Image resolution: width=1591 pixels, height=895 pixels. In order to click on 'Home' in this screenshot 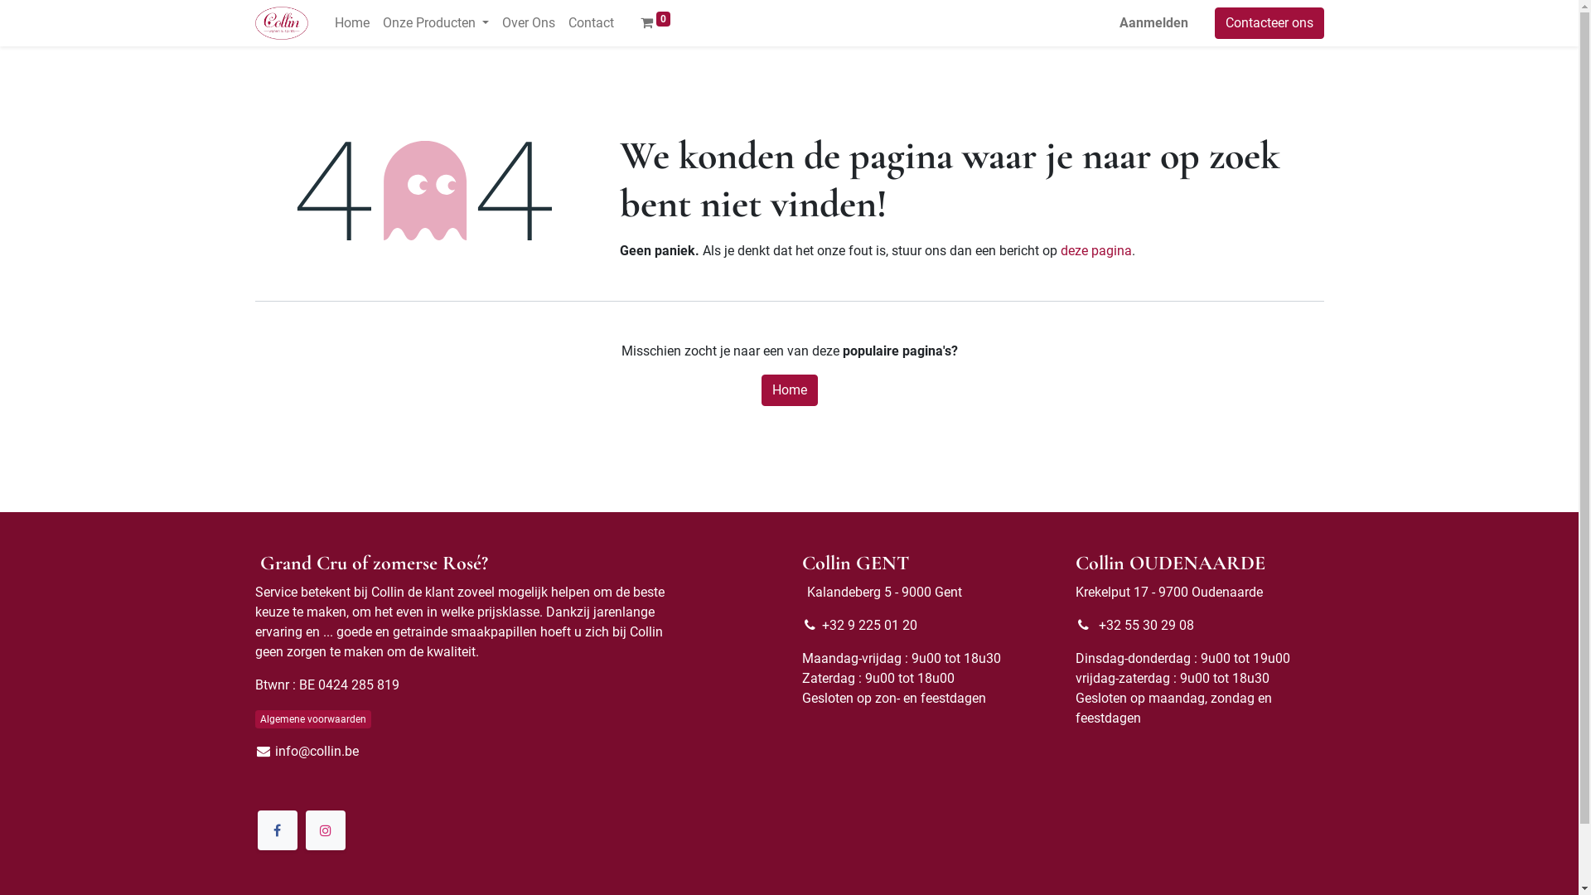, I will do `click(351, 22)`.